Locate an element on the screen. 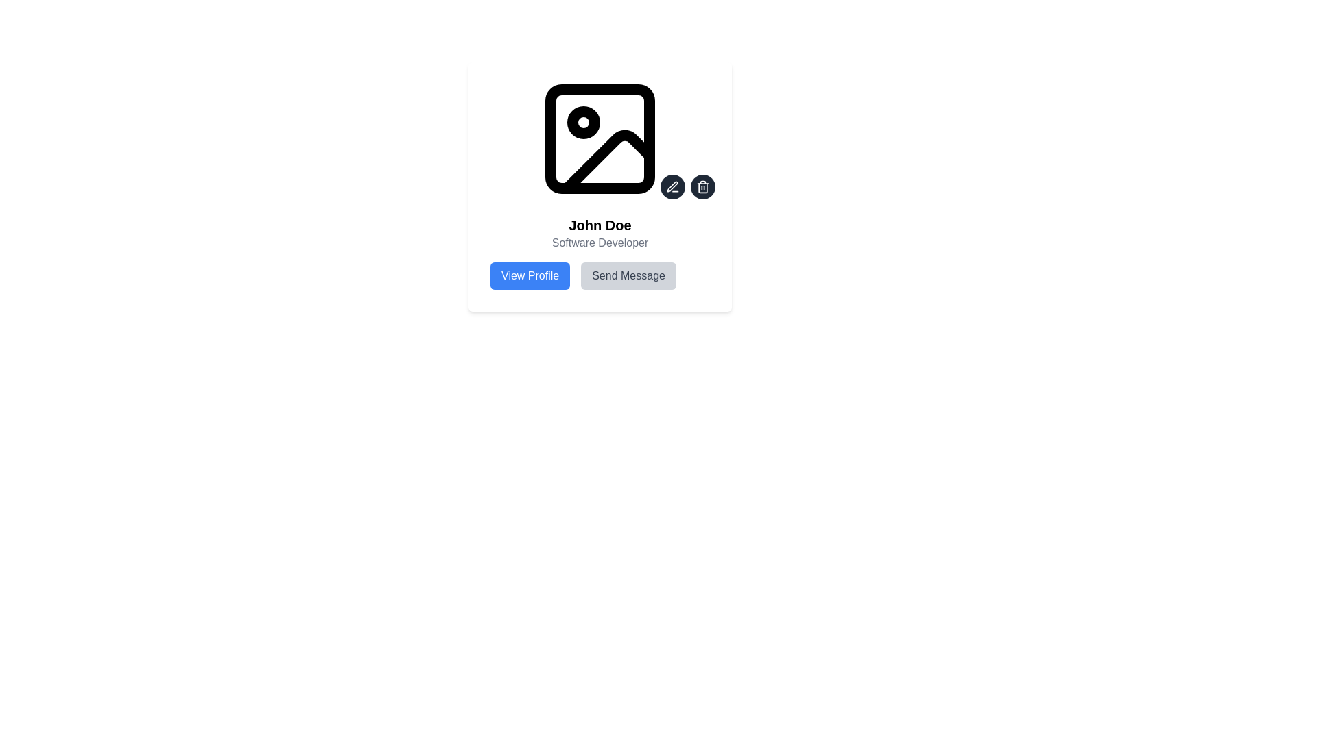 This screenshot has width=1317, height=740. the text label reading 'Software Developer', which is styled in light gray and positioned directly beneath the bold text 'John Doe' within the profile card layout is located at coordinates (600, 242).